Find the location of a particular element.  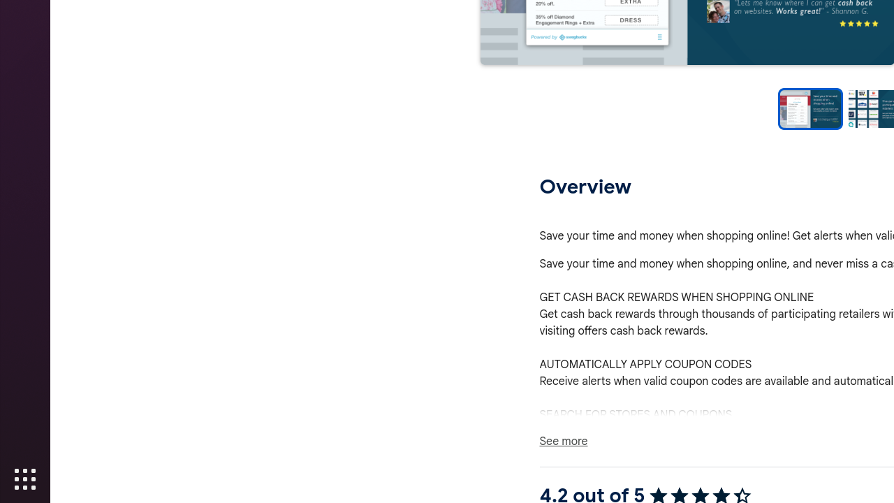

'Show Applications' is located at coordinates (24, 479).